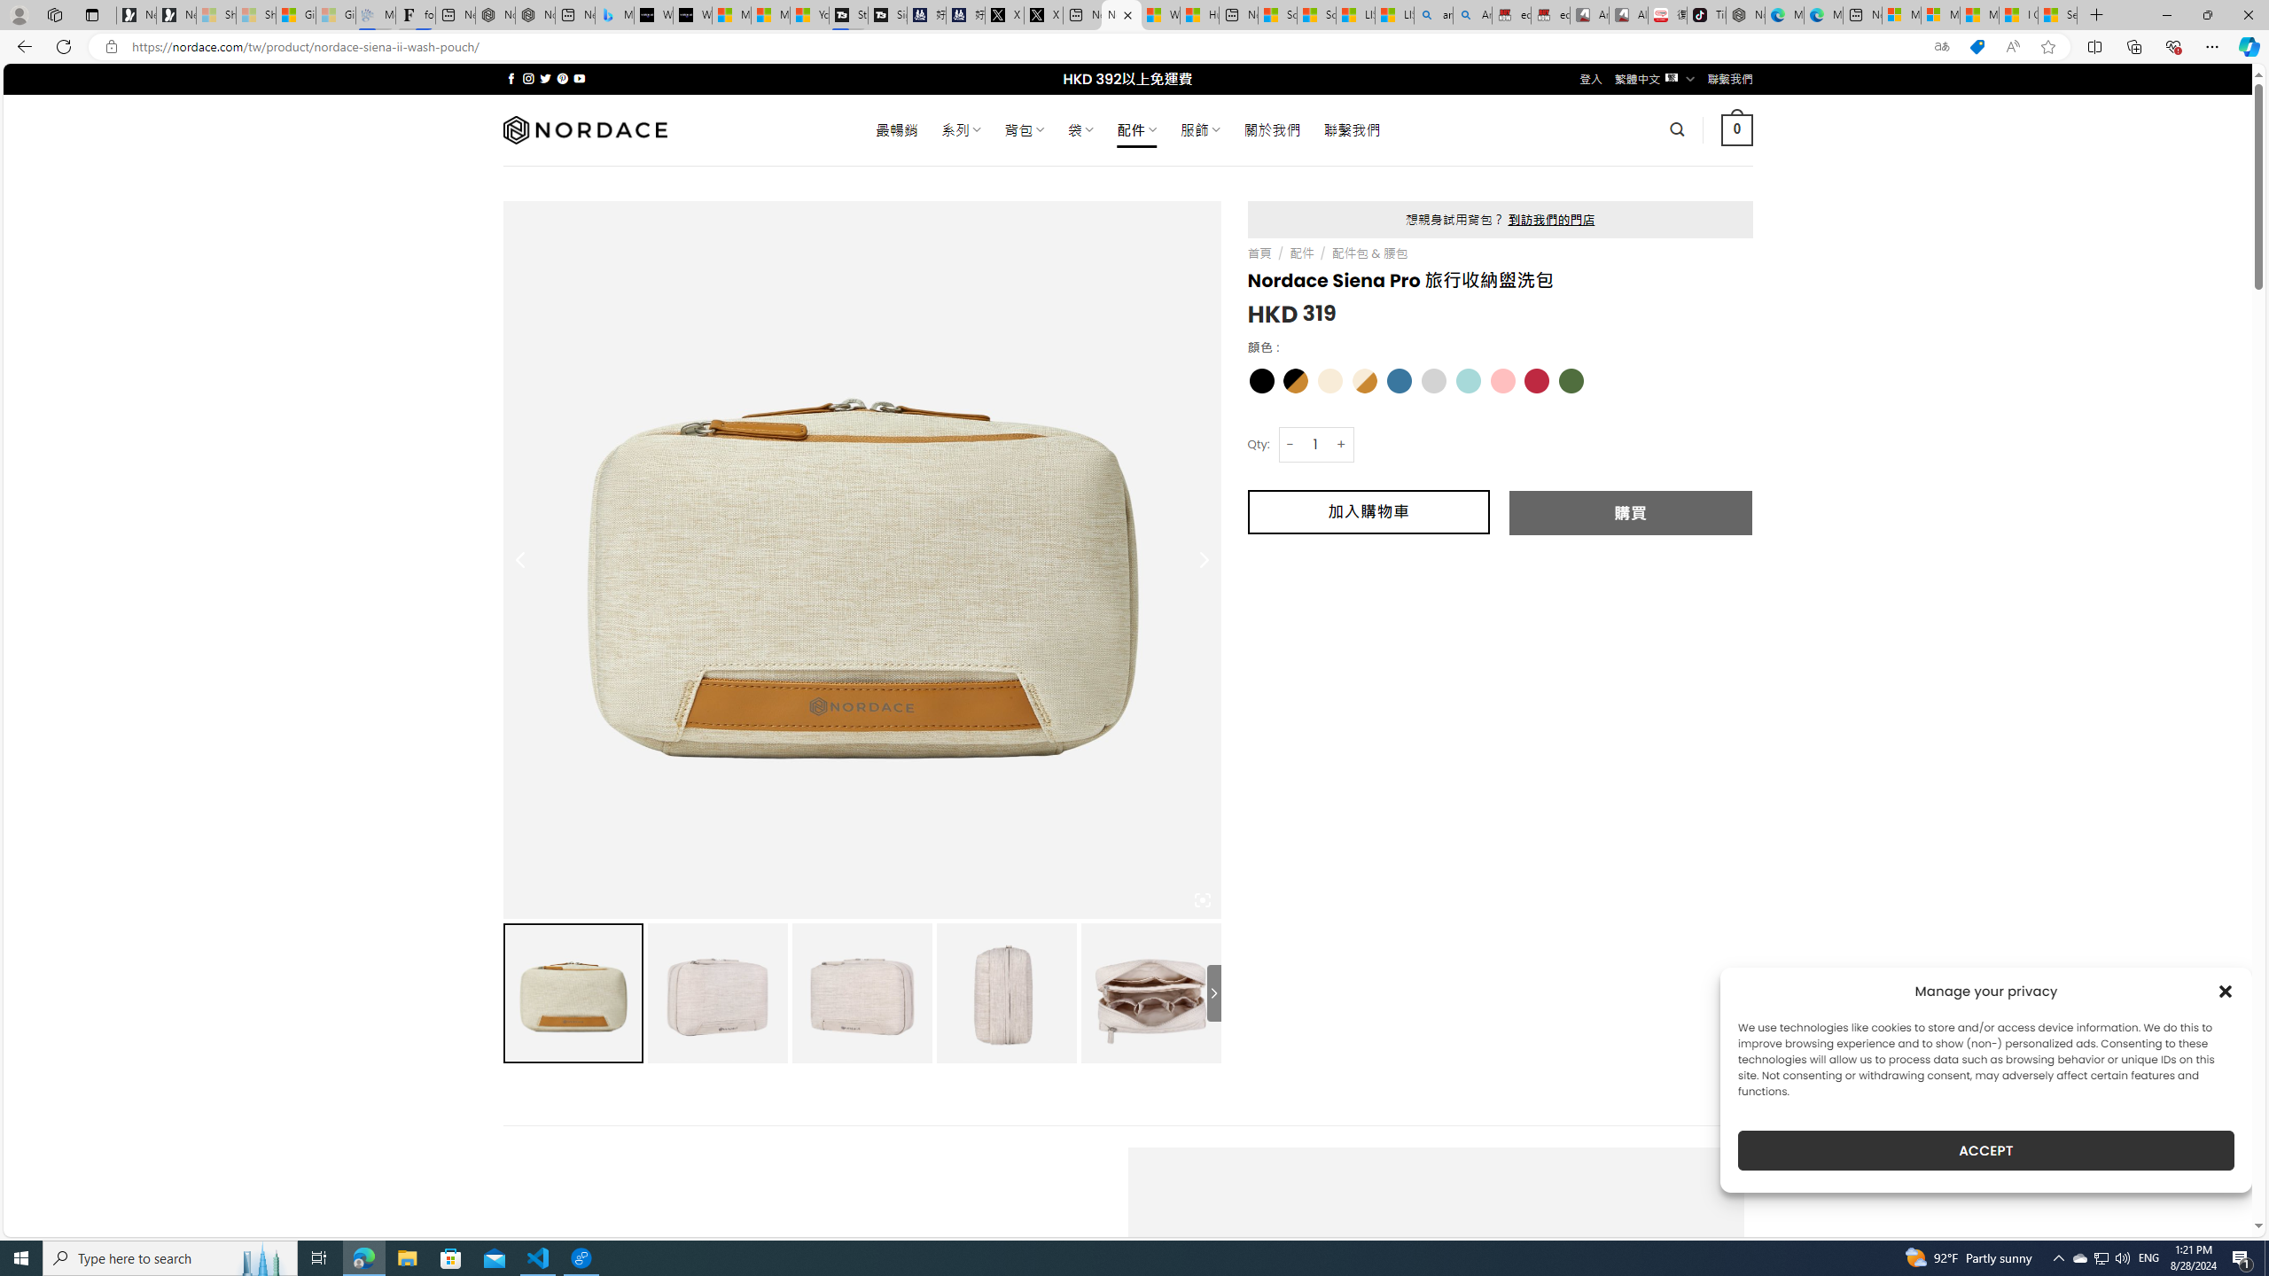 This screenshot has width=2269, height=1276. Describe the element at coordinates (1199, 14) in the screenshot. I see `'Huge shark washes ashore at New York City beach | Watch'` at that location.